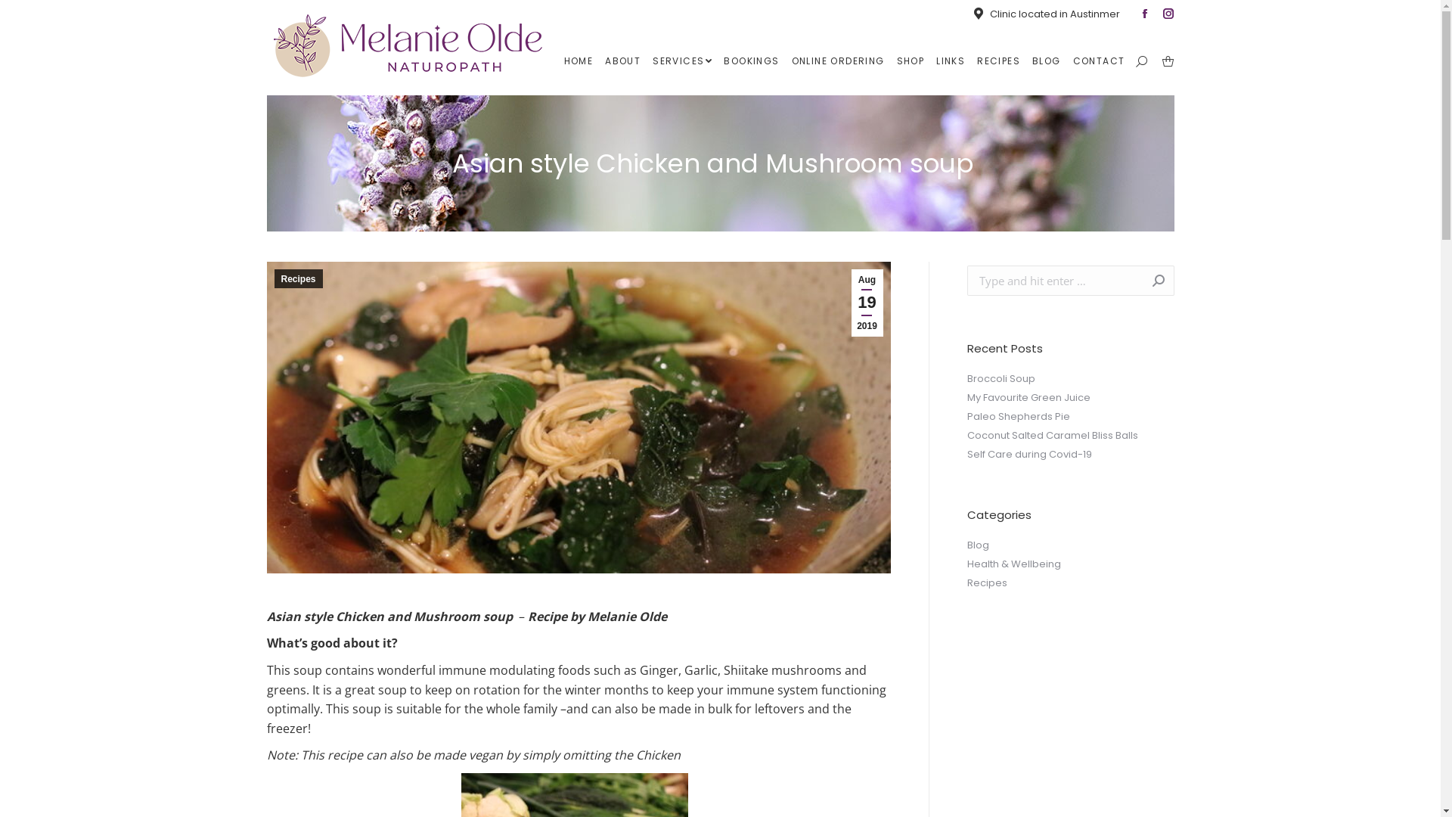  Describe the element at coordinates (622, 61) in the screenshot. I see `'ABOUT'` at that location.